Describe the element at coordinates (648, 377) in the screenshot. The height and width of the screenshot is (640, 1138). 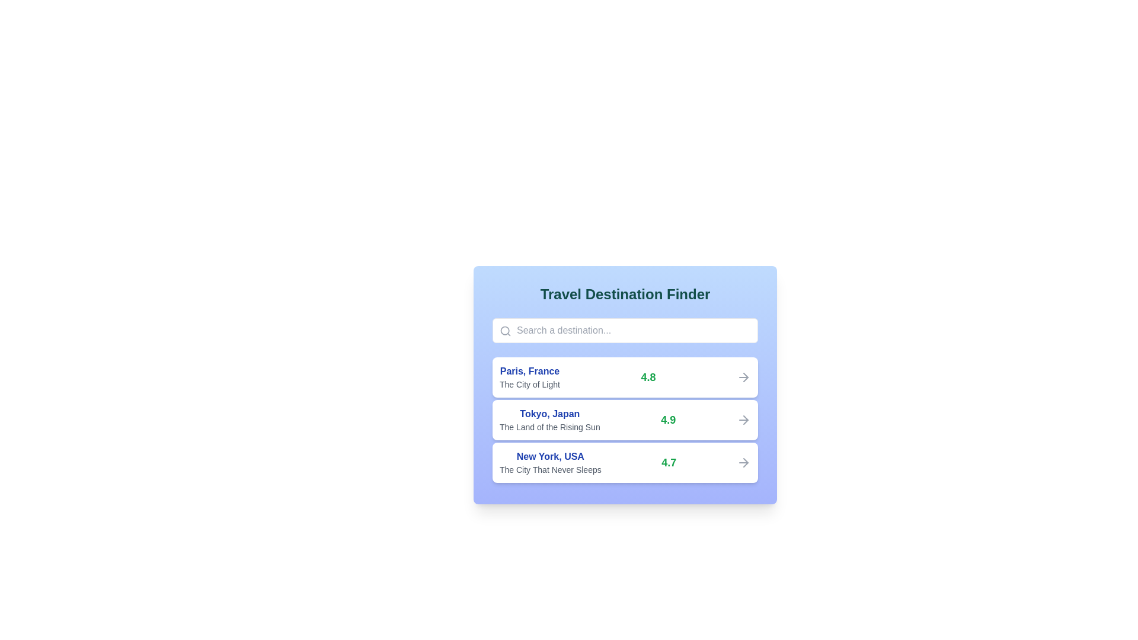
I see `the text component displaying '4.8' in bold, large, green typography, which is located within a card representing information about 'Paris, France'` at that location.